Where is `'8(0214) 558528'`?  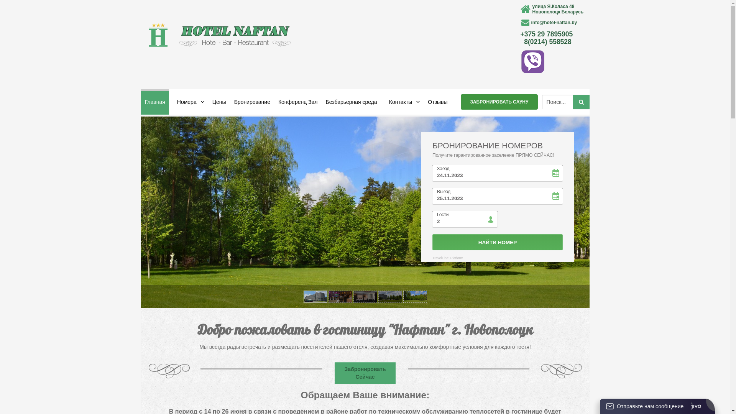 '8(0214) 558528' is located at coordinates (524, 41).